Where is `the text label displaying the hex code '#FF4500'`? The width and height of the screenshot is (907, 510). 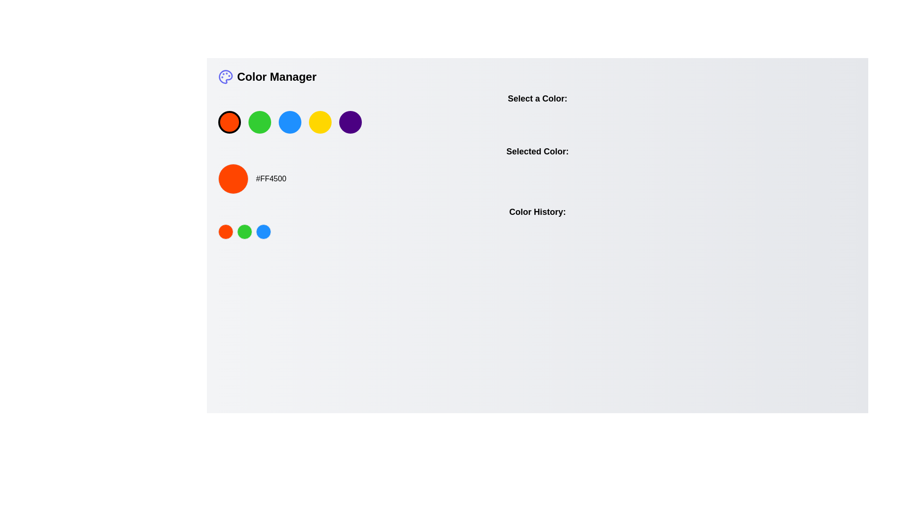 the text label displaying the hex code '#FF4500' is located at coordinates (271, 178).